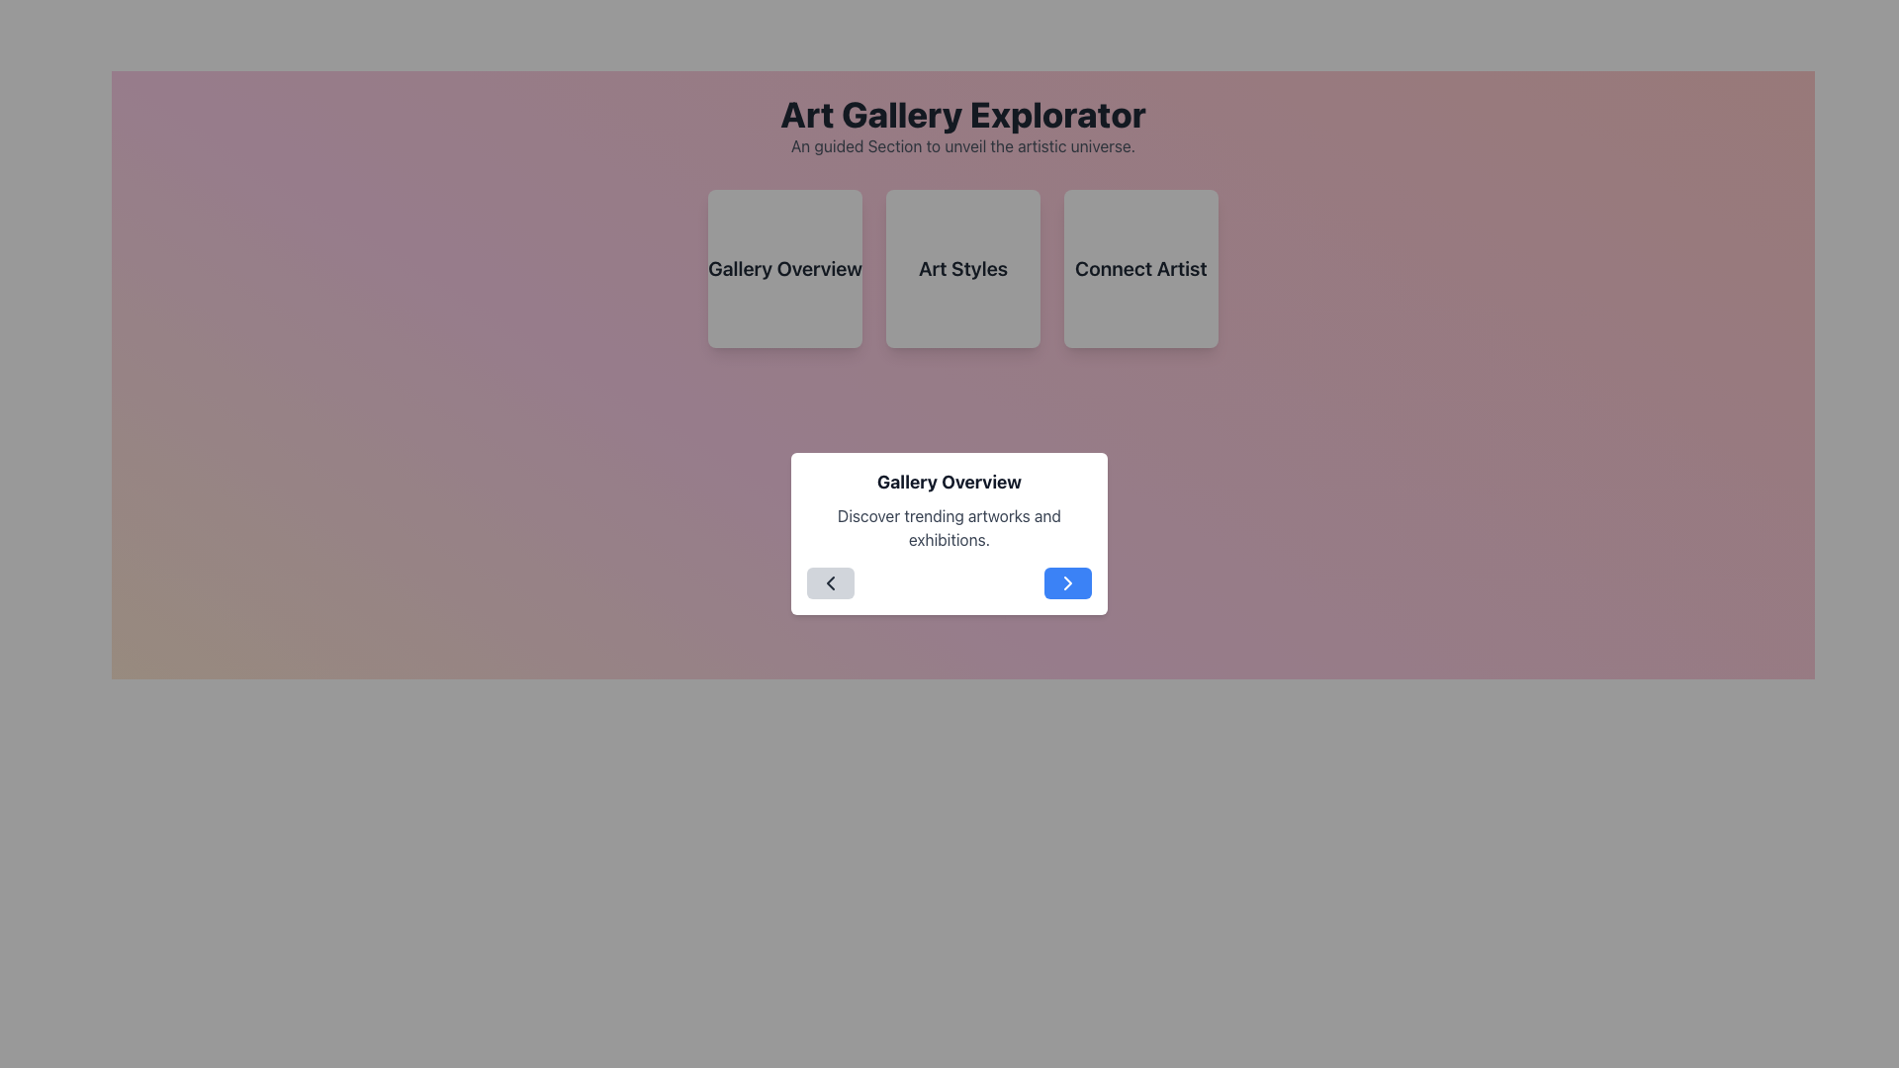 Image resolution: width=1899 pixels, height=1068 pixels. Describe the element at coordinates (784, 269) in the screenshot. I see `text label that identifies the leftmost card in the row of three containers, which is located under the text 'Art Gallery Explorator'` at that location.